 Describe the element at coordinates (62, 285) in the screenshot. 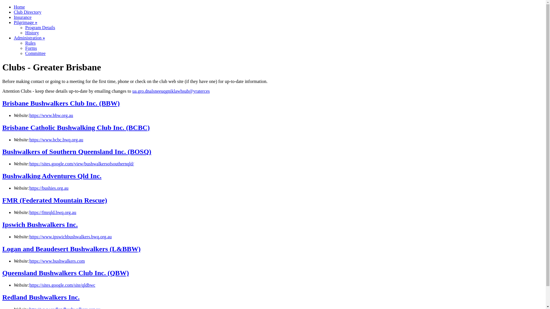

I see `'https://sites.google.com/site/qldbwc'` at that location.